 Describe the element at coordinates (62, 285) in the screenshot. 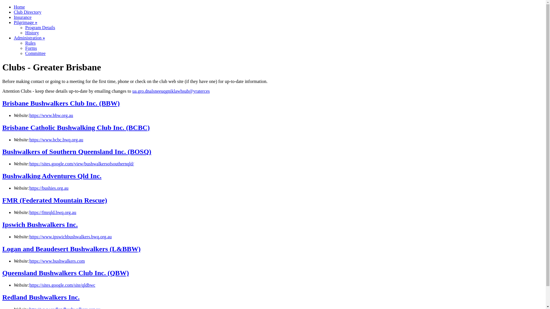

I see `'https://sites.google.com/site/qldbwc'` at that location.